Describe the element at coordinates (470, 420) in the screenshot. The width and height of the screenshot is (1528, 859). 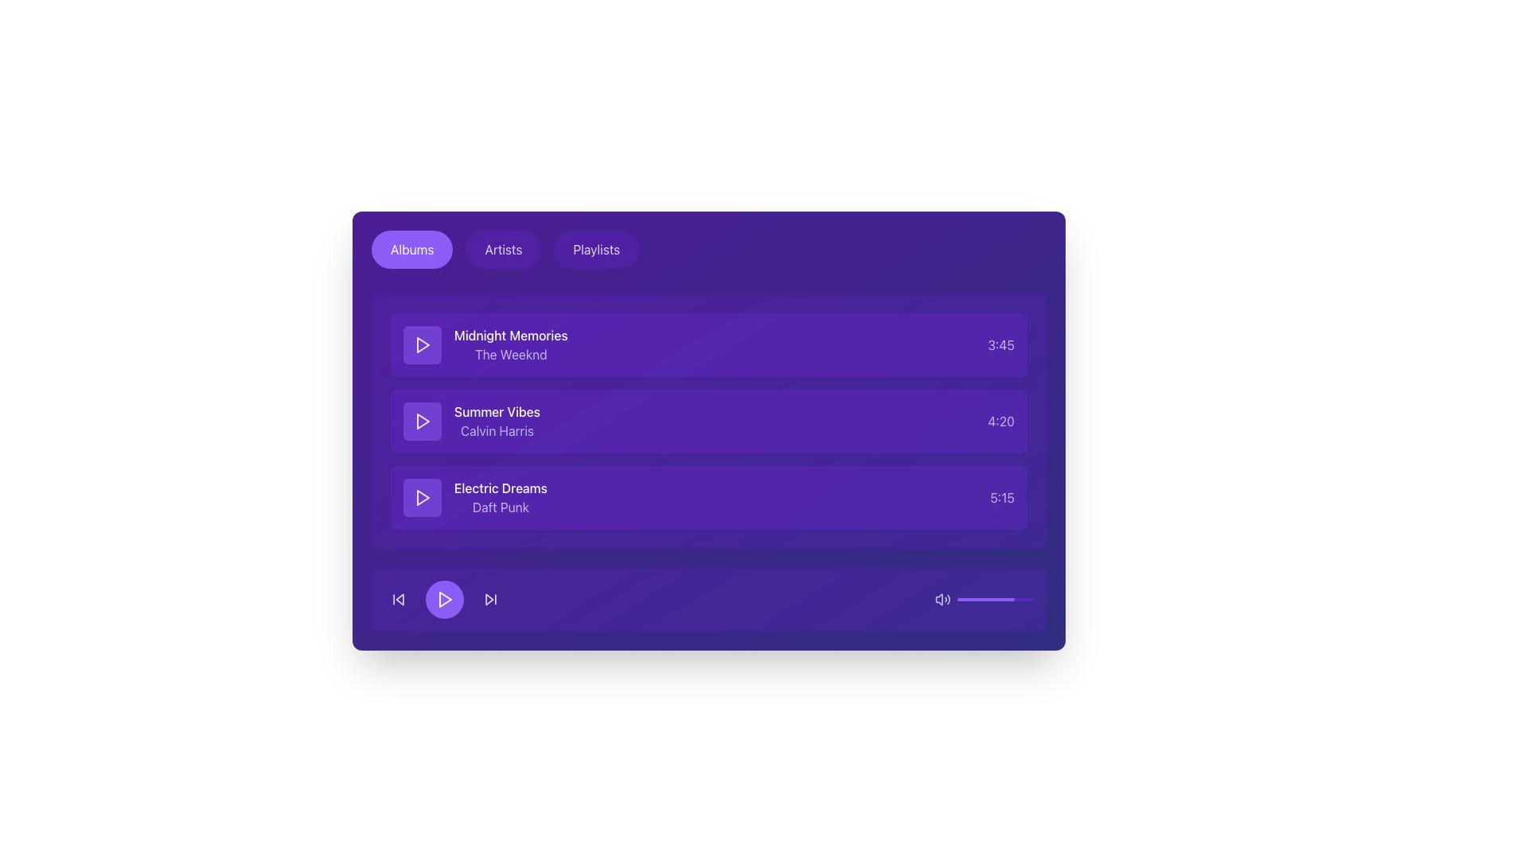
I see `the Text Information Display element that shows the song title and artist` at that location.